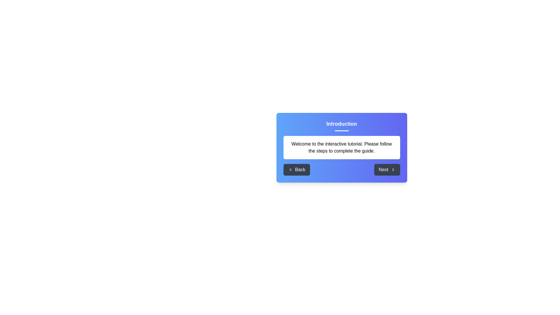  Describe the element at coordinates (342, 130) in the screenshot. I see `the Decorative Line located beneath the 'Introduction' heading text, which is horizontally centered within the dialog box` at that location.